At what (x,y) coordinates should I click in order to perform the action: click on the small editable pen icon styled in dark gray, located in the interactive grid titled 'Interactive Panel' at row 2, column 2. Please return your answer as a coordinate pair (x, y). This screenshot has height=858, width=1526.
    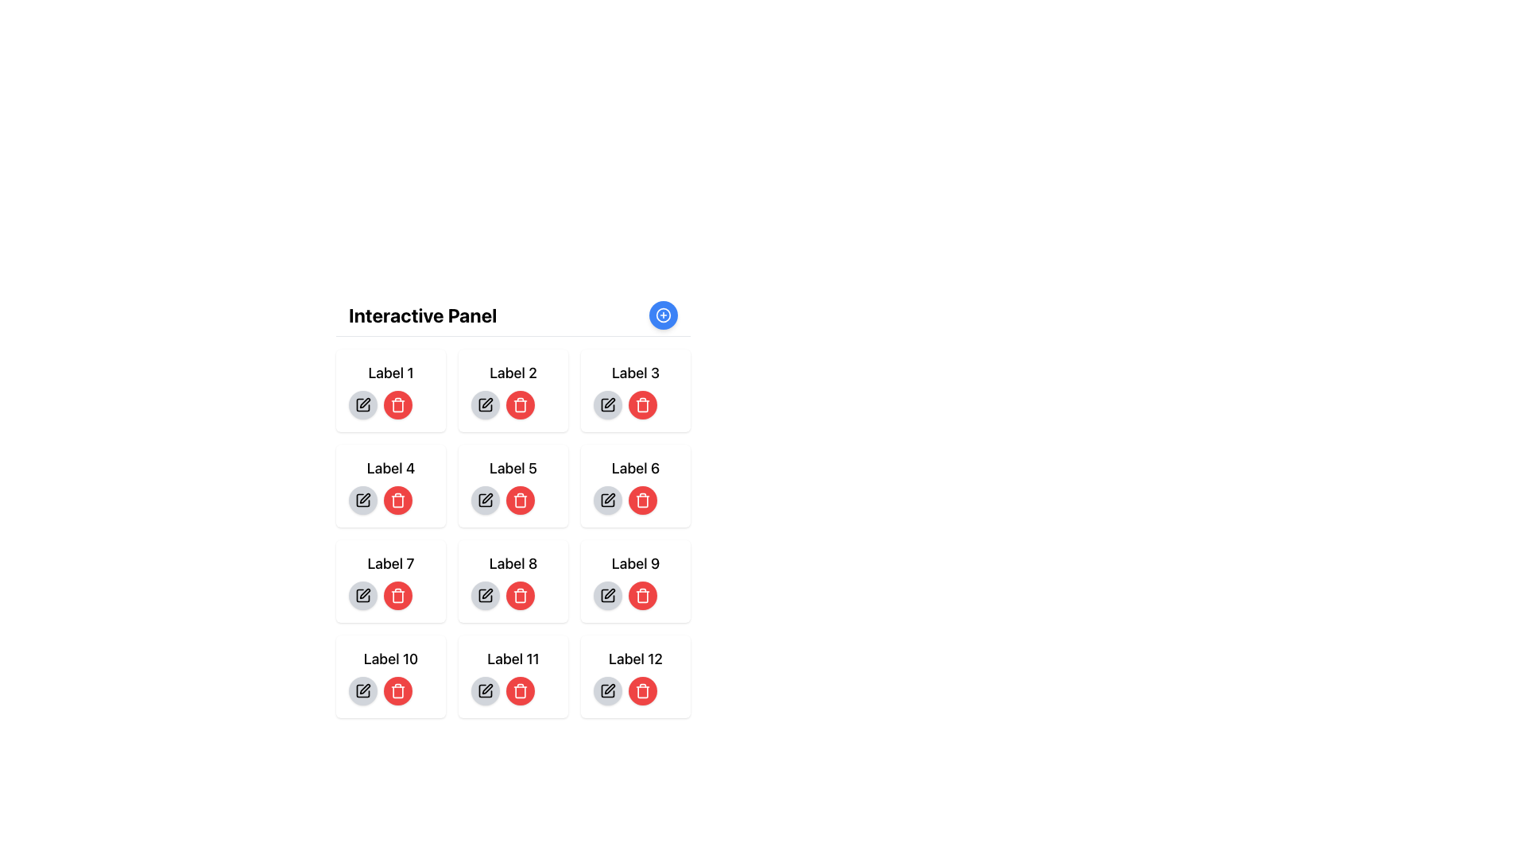
    Looking at the image, I should click on (484, 499).